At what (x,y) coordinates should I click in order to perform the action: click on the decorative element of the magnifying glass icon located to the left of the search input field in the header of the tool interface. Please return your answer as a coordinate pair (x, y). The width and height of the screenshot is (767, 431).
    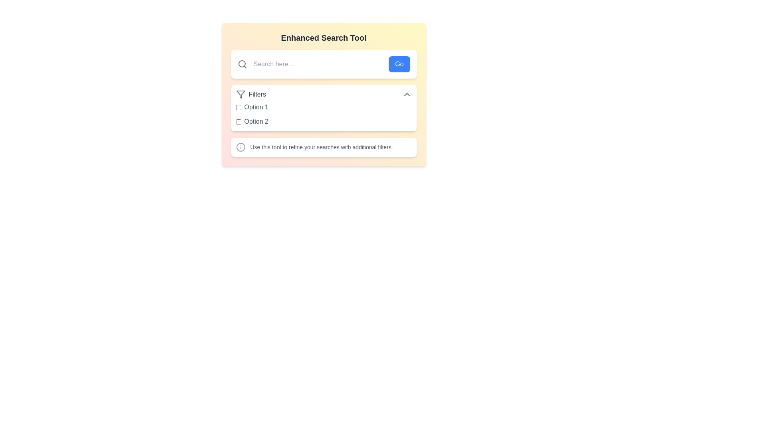
    Looking at the image, I should click on (241, 63).